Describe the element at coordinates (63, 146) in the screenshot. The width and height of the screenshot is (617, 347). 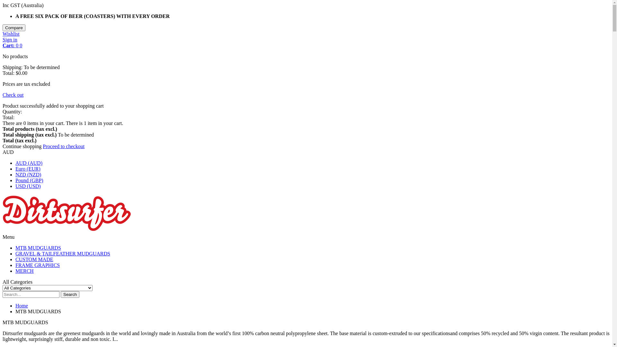
I see `'Proceed to checkout'` at that location.